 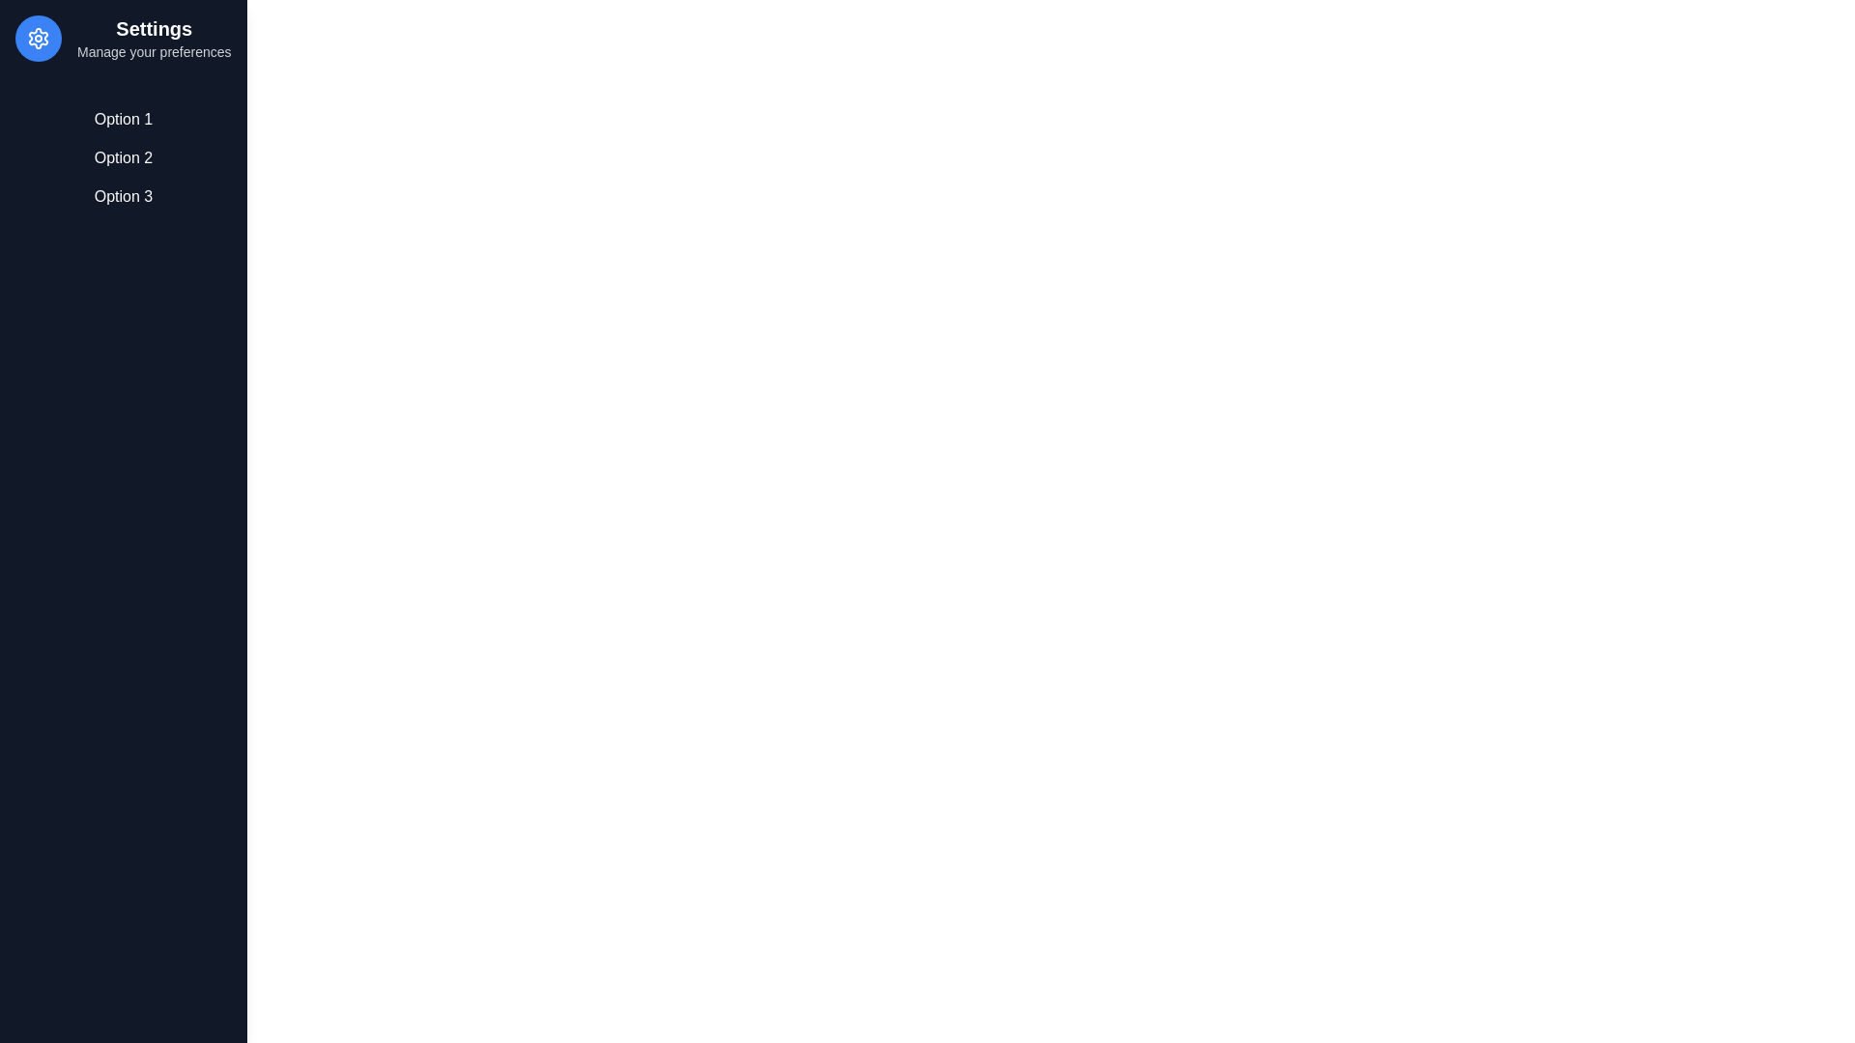 What do you see at coordinates (38, 38) in the screenshot?
I see `the gear-like icon in the sidebar menu` at bounding box center [38, 38].